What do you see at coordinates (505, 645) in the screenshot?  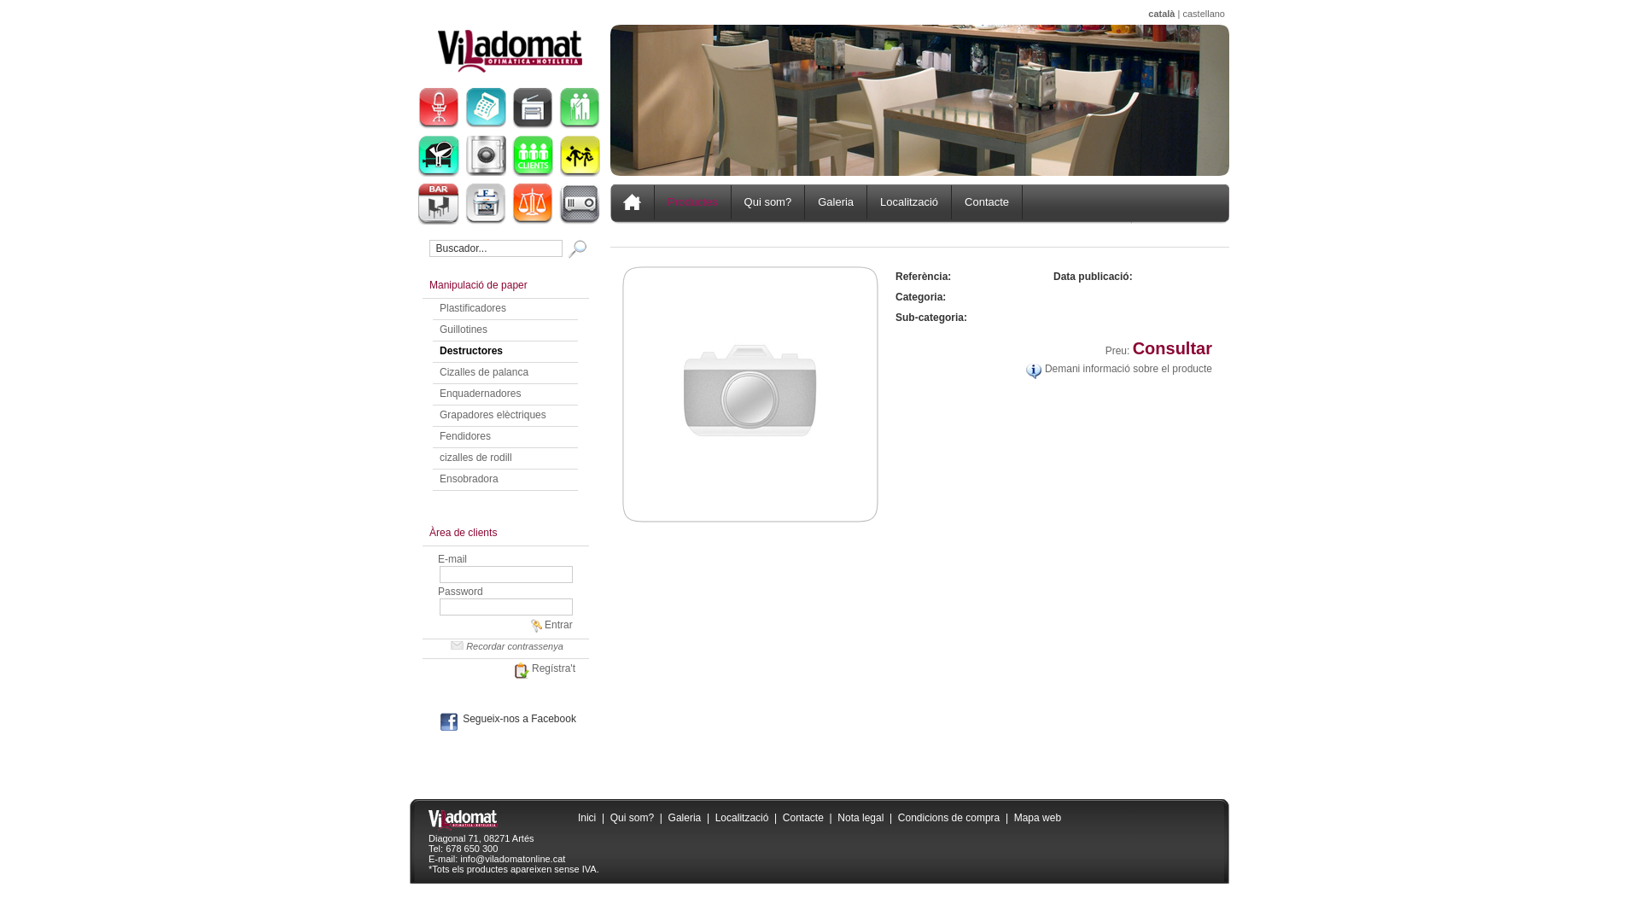 I see `'Recordar contrassenya'` at bounding box center [505, 645].